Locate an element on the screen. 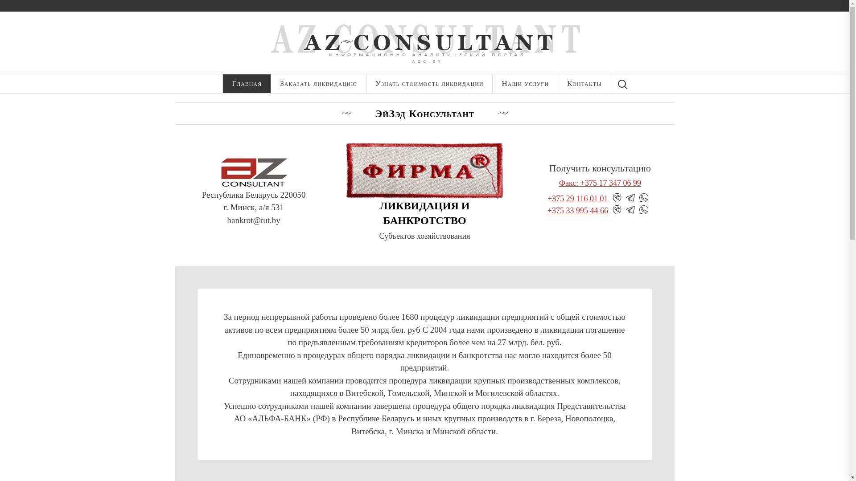 The width and height of the screenshot is (856, 481). '+375 33 995 44 66' is located at coordinates (578, 211).